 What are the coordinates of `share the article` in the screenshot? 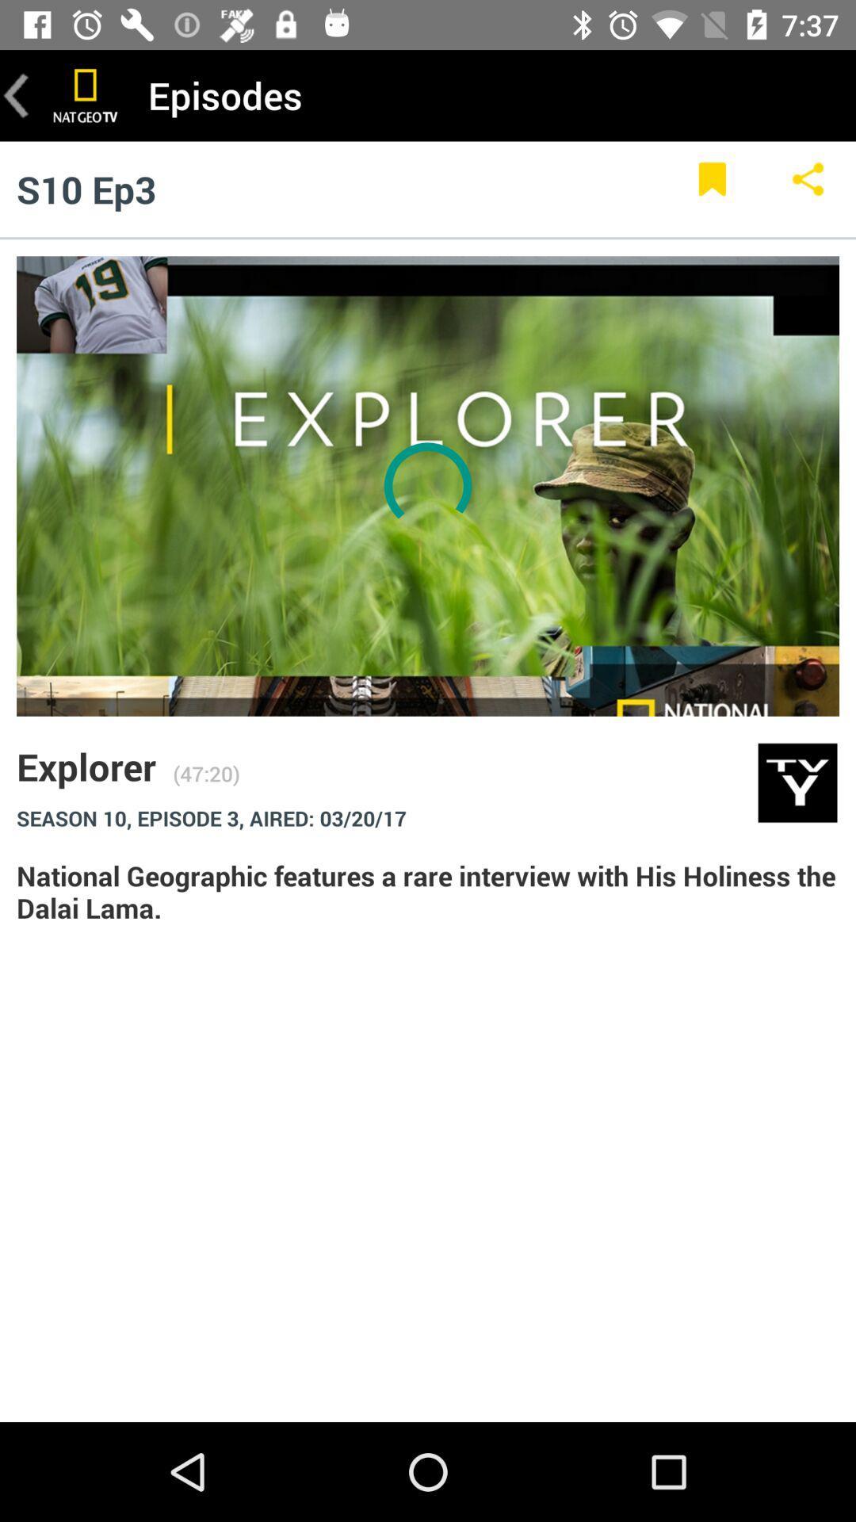 It's located at (808, 189).